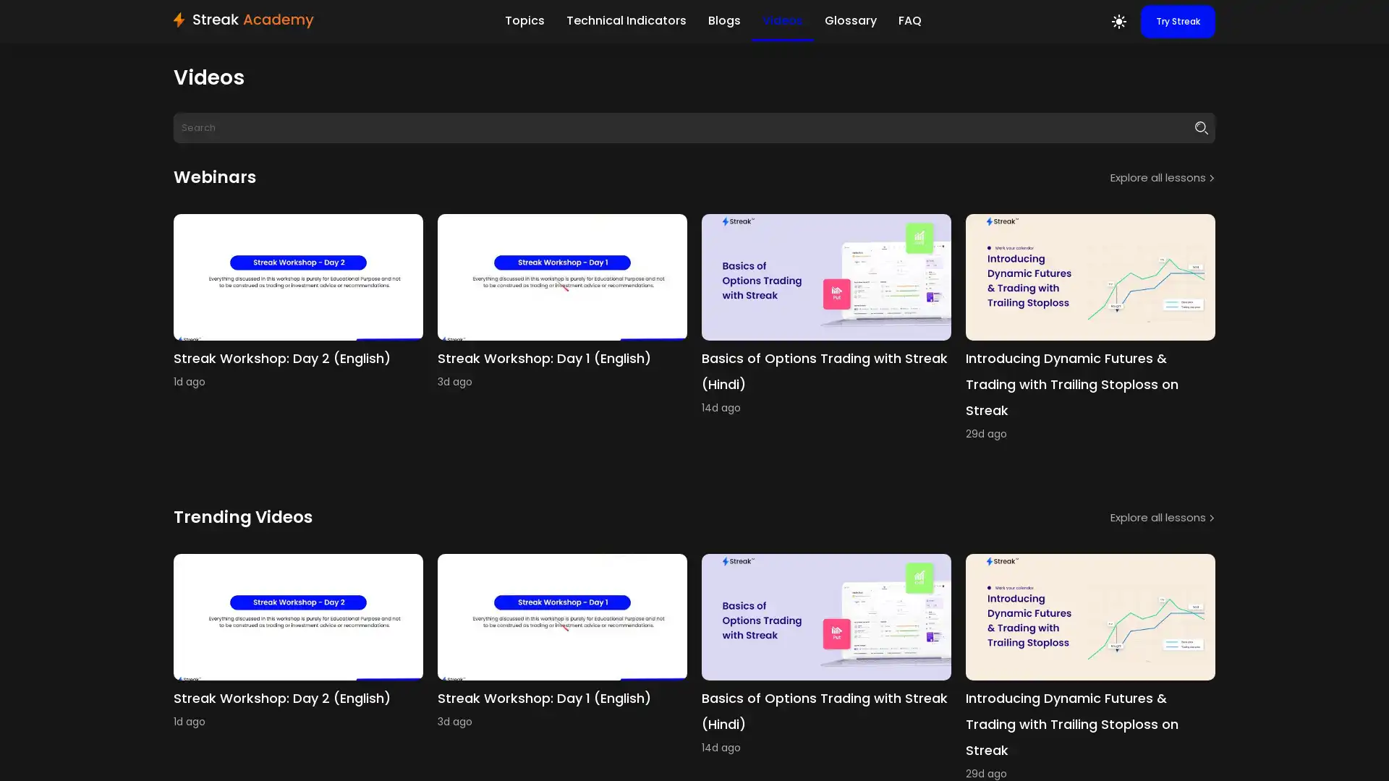  Describe the element at coordinates (1090, 329) in the screenshot. I see `youtube Introducing Dynamic Futures & Trading with Trailing Stoploss on Streak 29d ago` at that location.